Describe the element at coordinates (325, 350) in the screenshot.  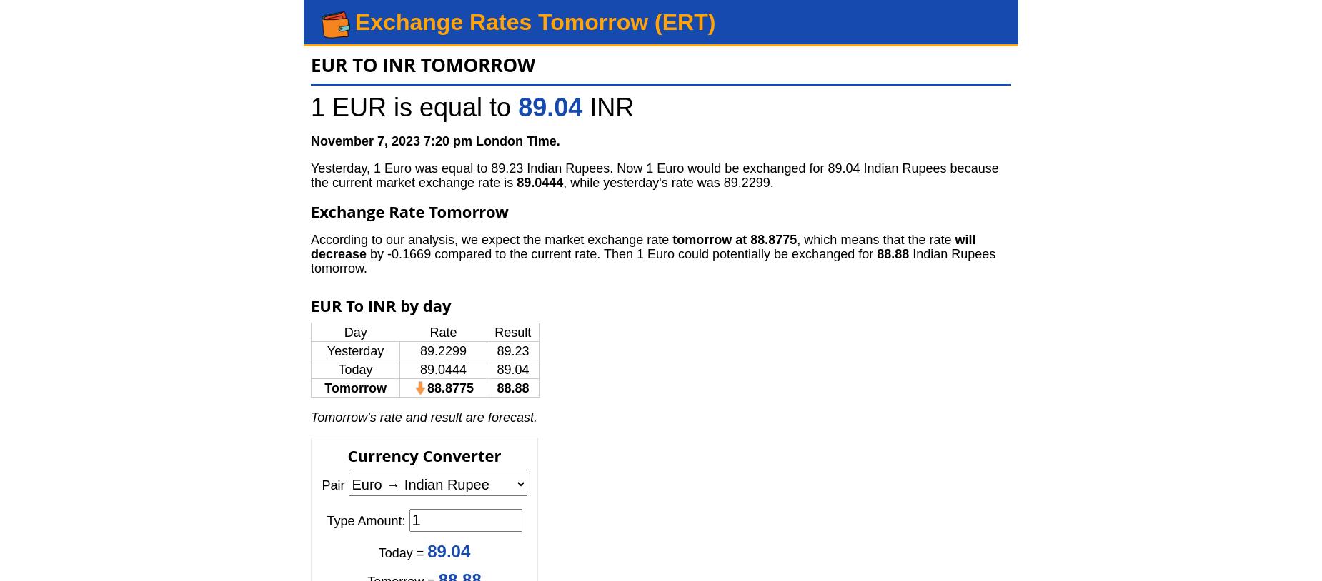
I see `'Yesterday'` at that location.